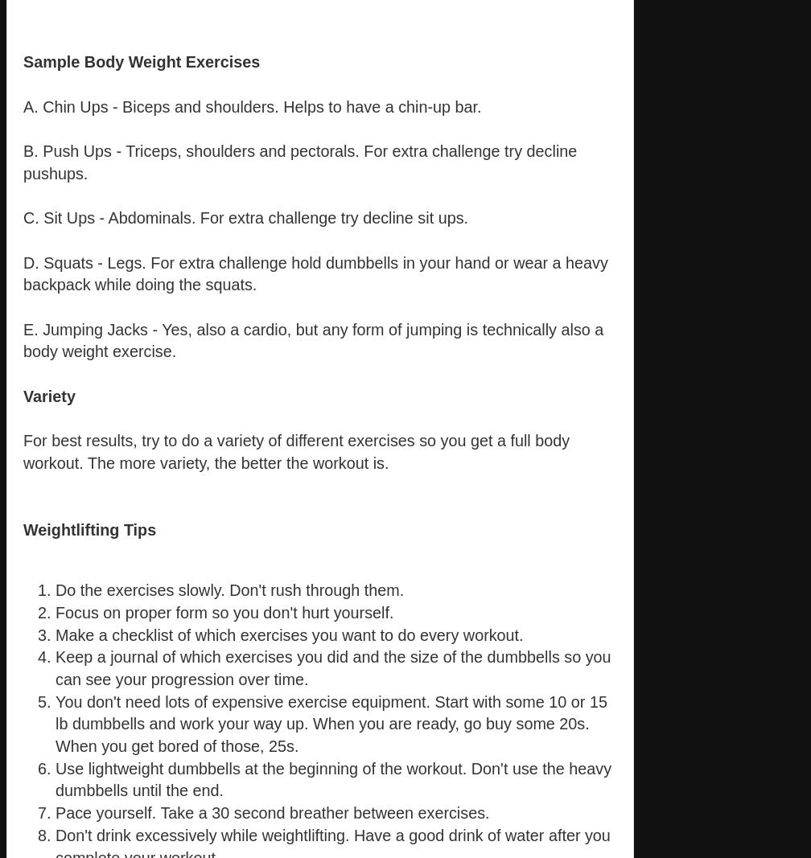 Image resolution: width=811 pixels, height=858 pixels. Describe the element at coordinates (313, 339) in the screenshot. I see `'E. Jumping Jacks - Yes, also a cardio, but any form of jumping is technically also a body weight exercise.'` at that location.